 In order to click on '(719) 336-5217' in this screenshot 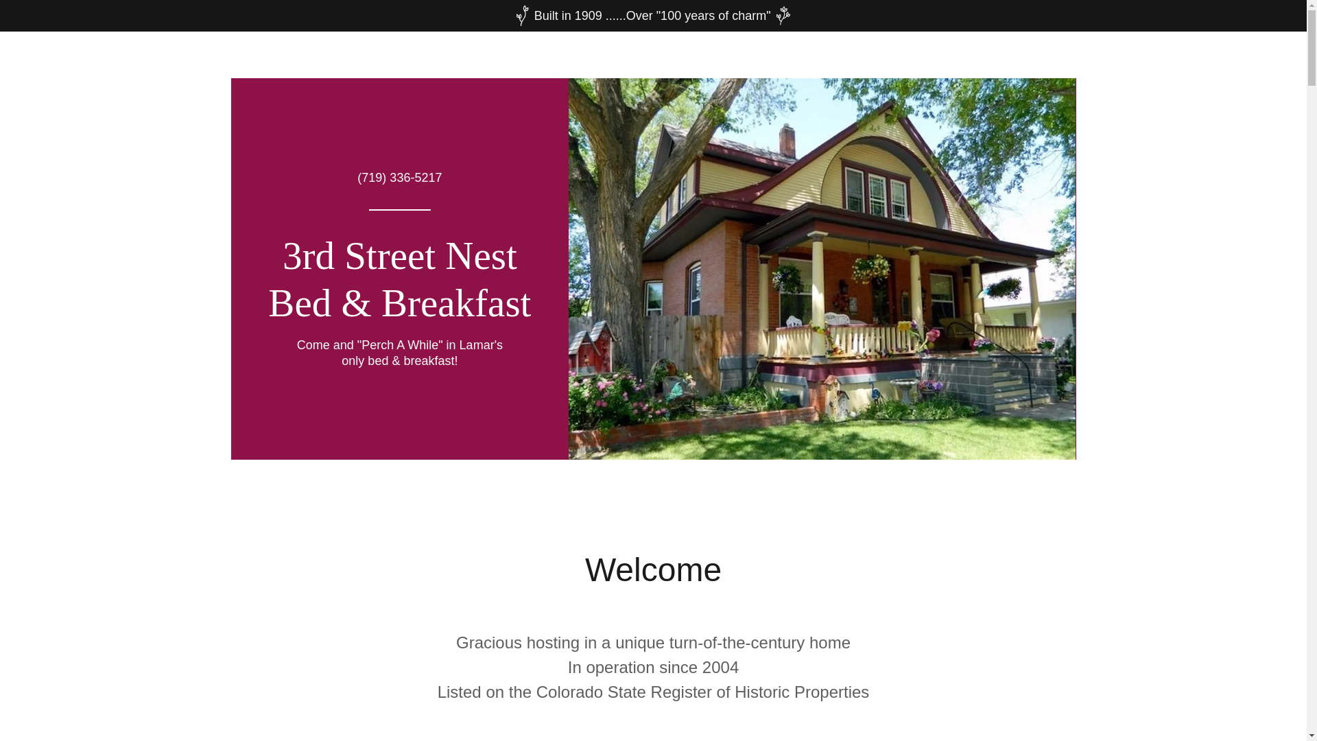, I will do `click(399, 176)`.